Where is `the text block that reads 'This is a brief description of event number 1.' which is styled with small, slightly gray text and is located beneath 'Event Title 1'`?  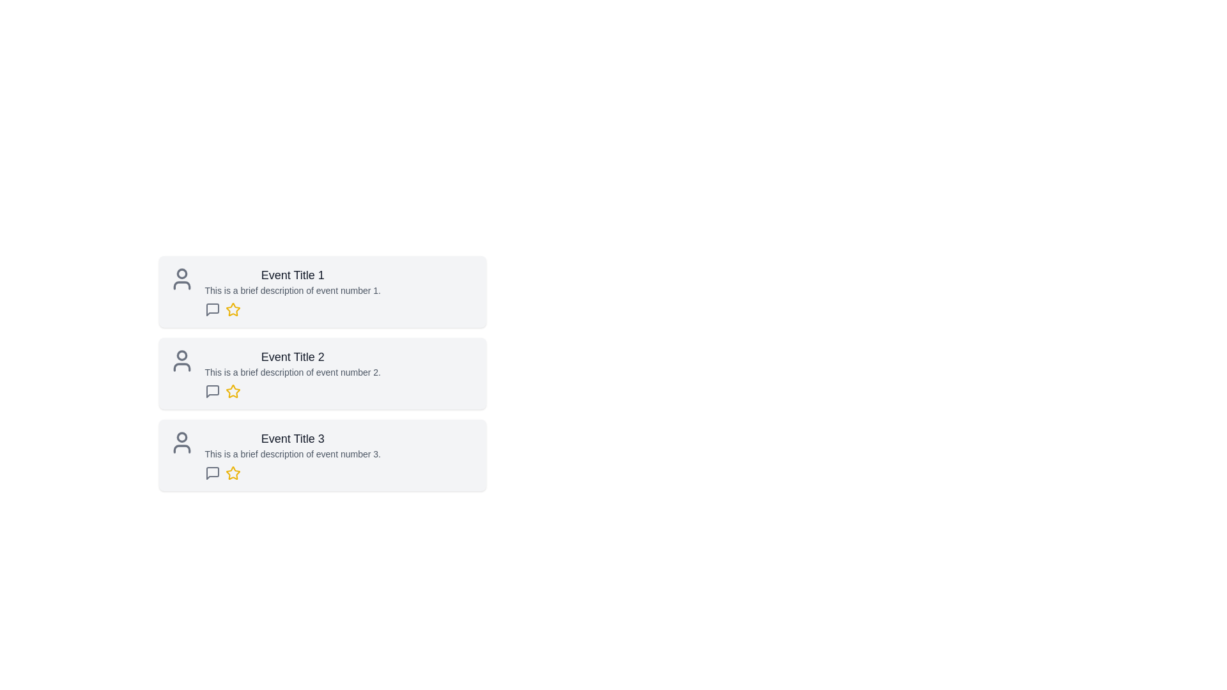 the text block that reads 'This is a brief description of event number 1.' which is styled with small, slightly gray text and is located beneath 'Event Title 1' is located at coordinates (292, 291).